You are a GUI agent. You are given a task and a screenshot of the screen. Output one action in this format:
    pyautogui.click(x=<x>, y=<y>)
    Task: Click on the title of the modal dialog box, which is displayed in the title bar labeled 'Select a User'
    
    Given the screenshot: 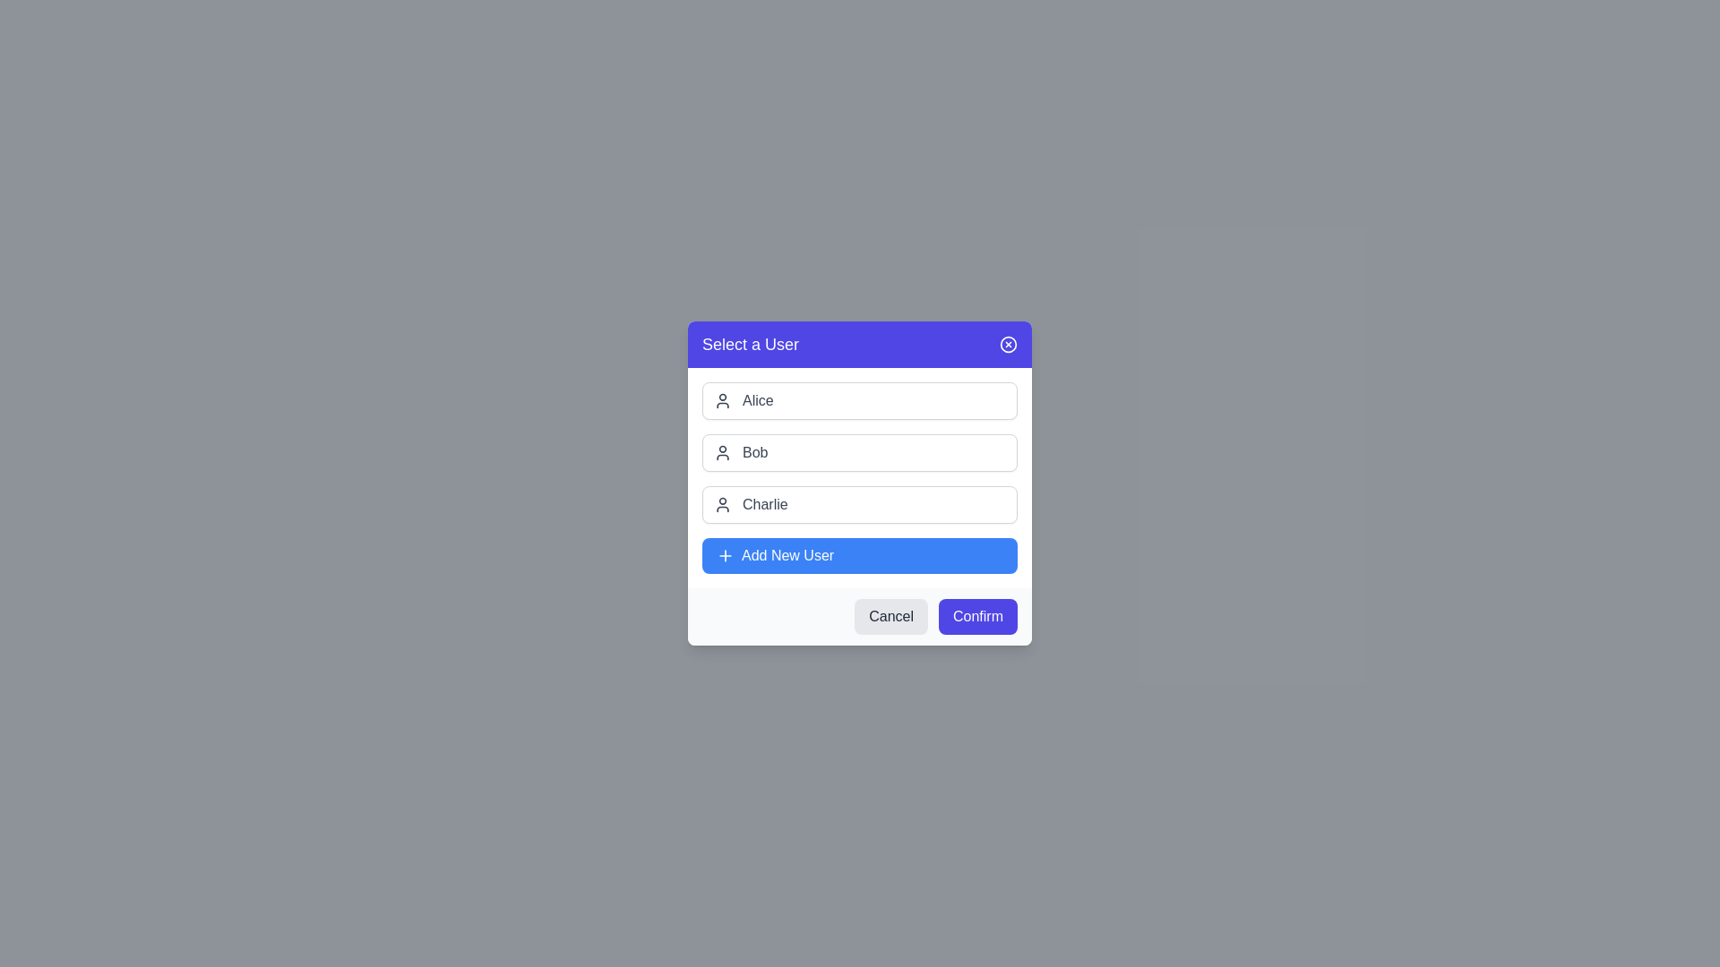 What is the action you would take?
    pyautogui.click(x=860, y=345)
    